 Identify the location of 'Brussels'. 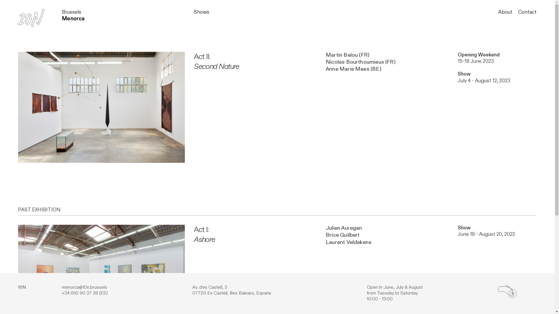
(62, 12).